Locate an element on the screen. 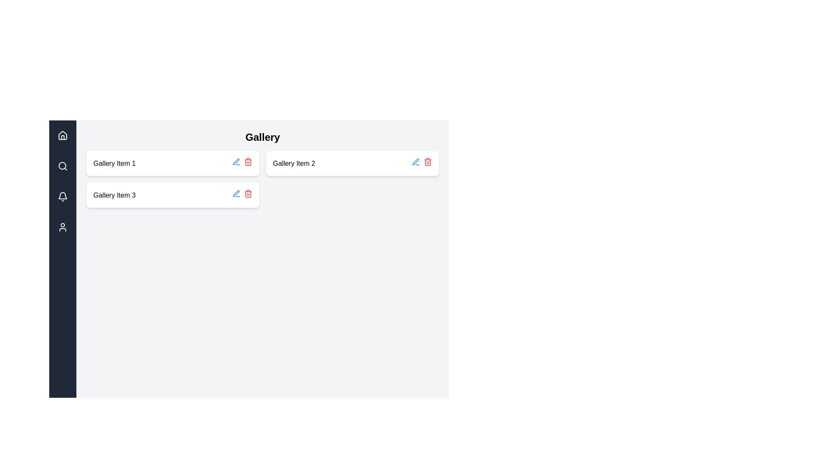 The image size is (815, 458). the pencil-shaped icon is located at coordinates (422, 163).